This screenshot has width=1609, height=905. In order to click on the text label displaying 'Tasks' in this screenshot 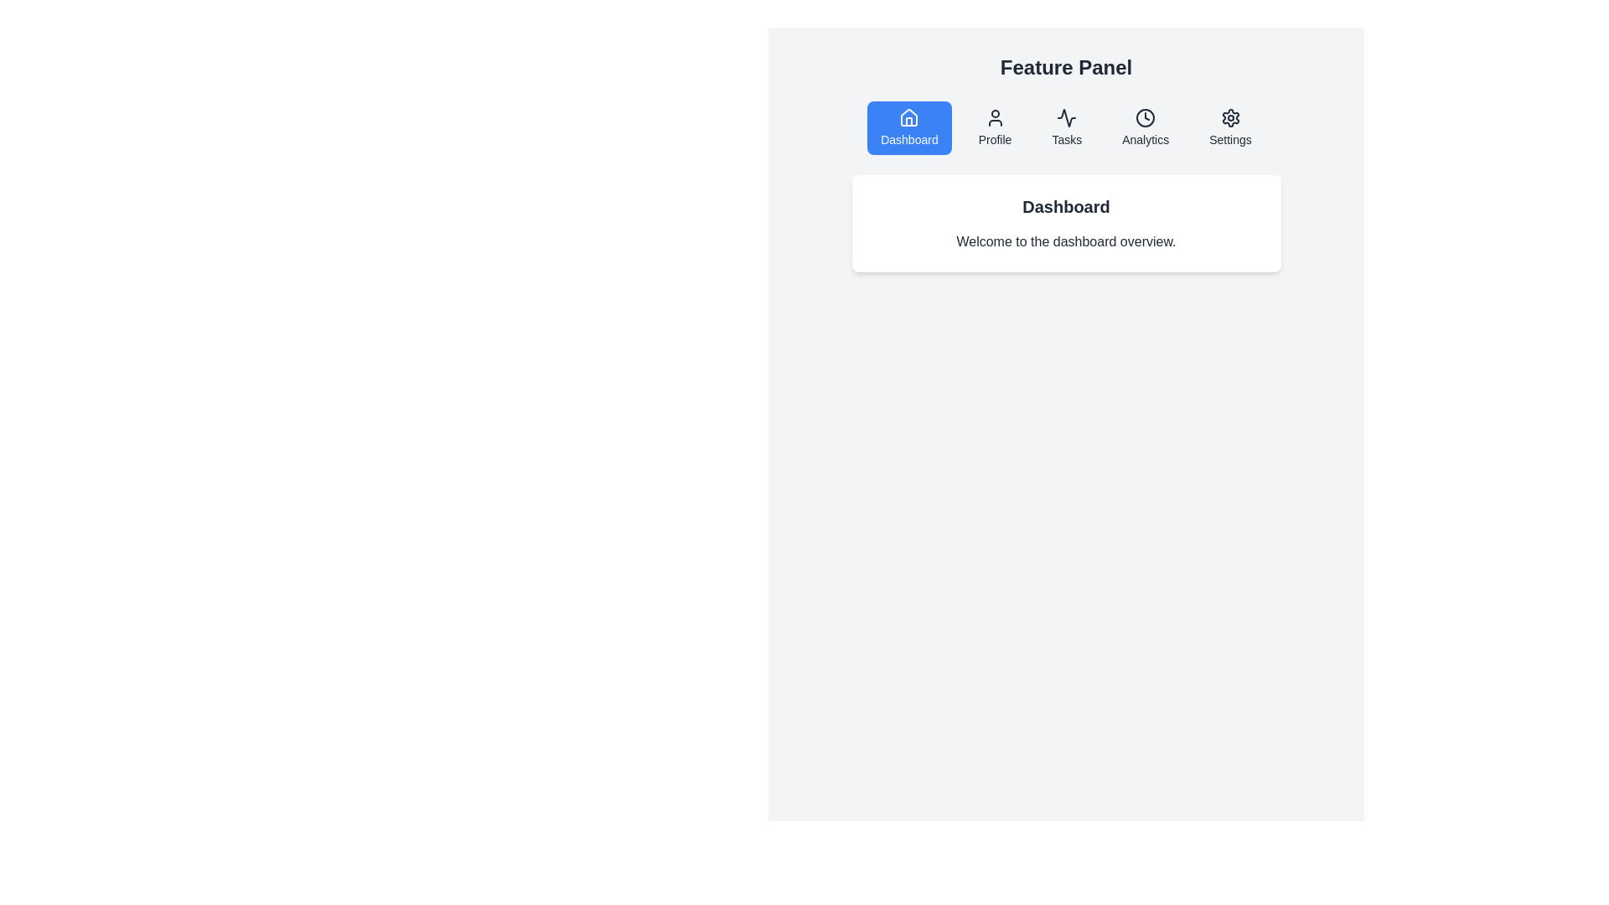, I will do `click(1066, 138)`.